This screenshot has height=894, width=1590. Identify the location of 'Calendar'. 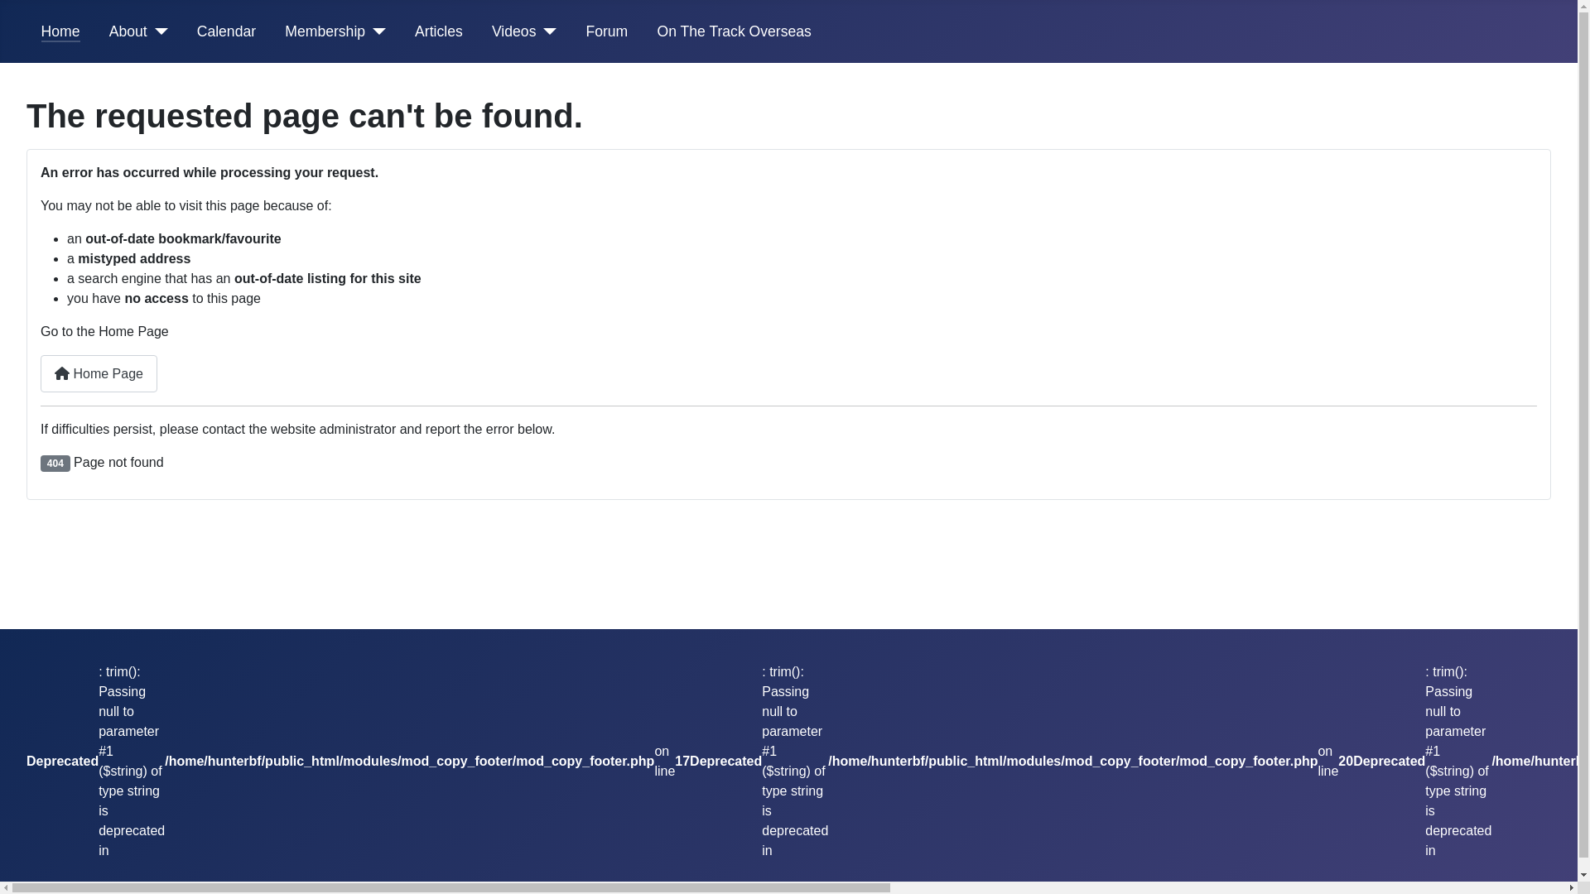
(225, 31).